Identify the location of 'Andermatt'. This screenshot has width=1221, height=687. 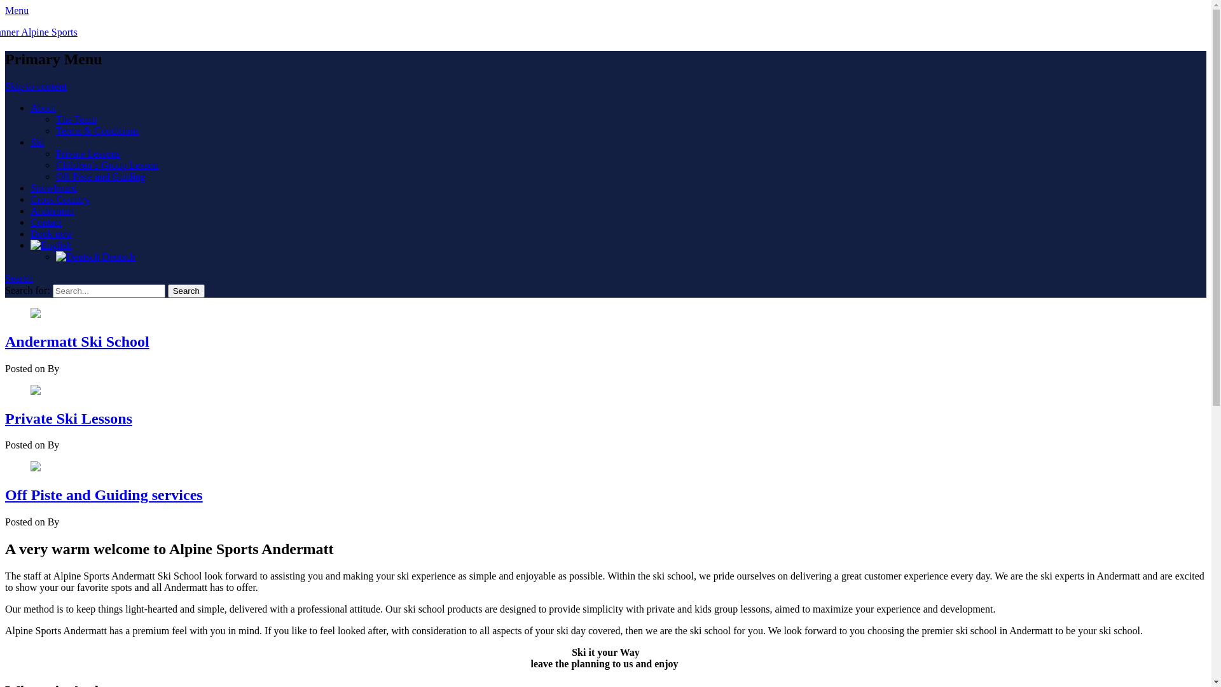
(51, 210).